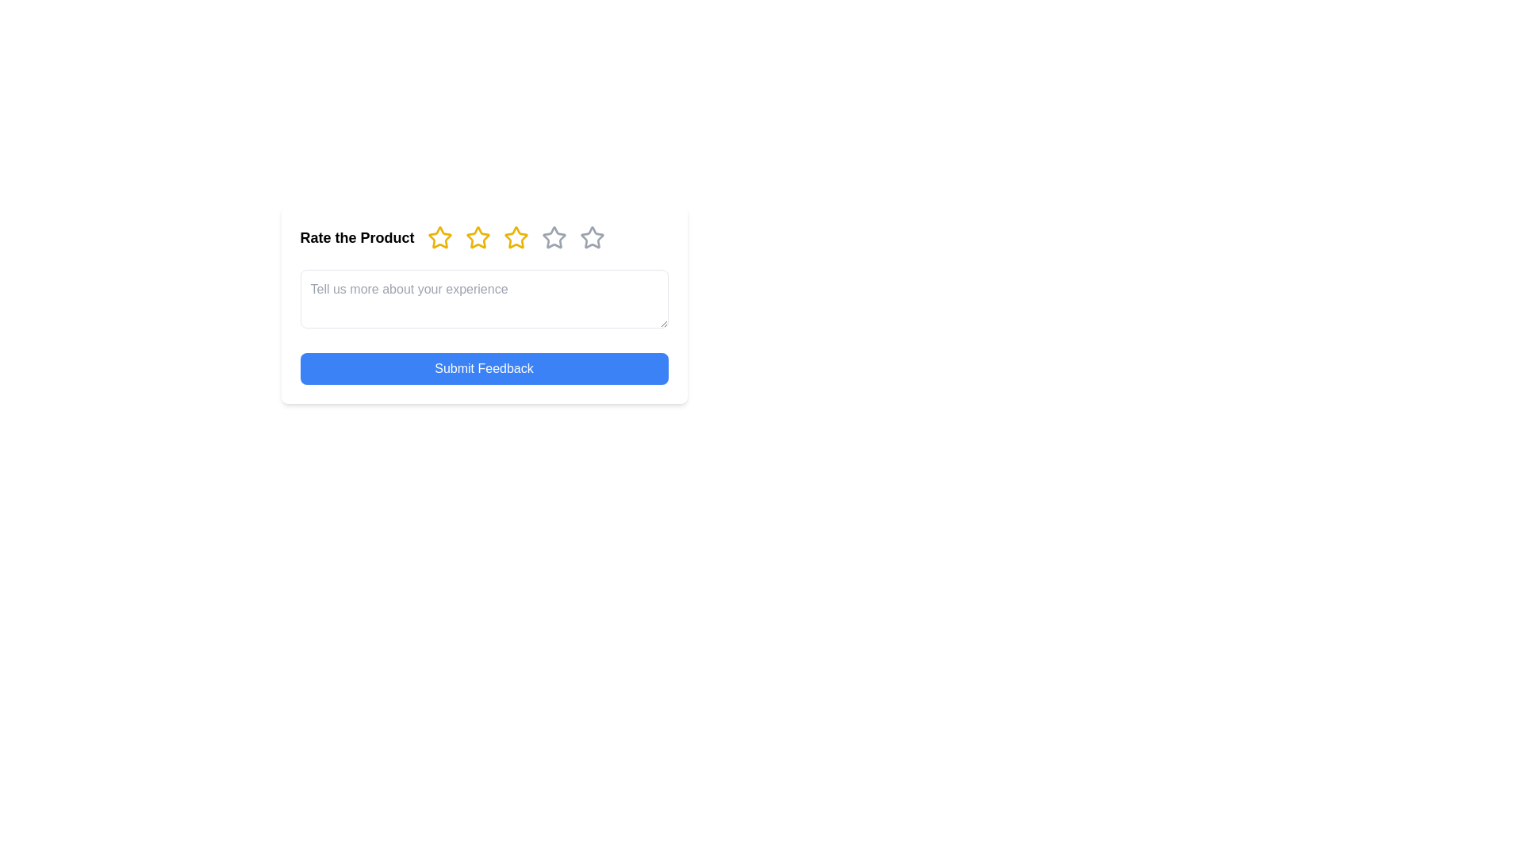 This screenshot has width=1523, height=857. Describe the element at coordinates (477, 238) in the screenshot. I see `the third yellow star icon in the rating row` at that location.